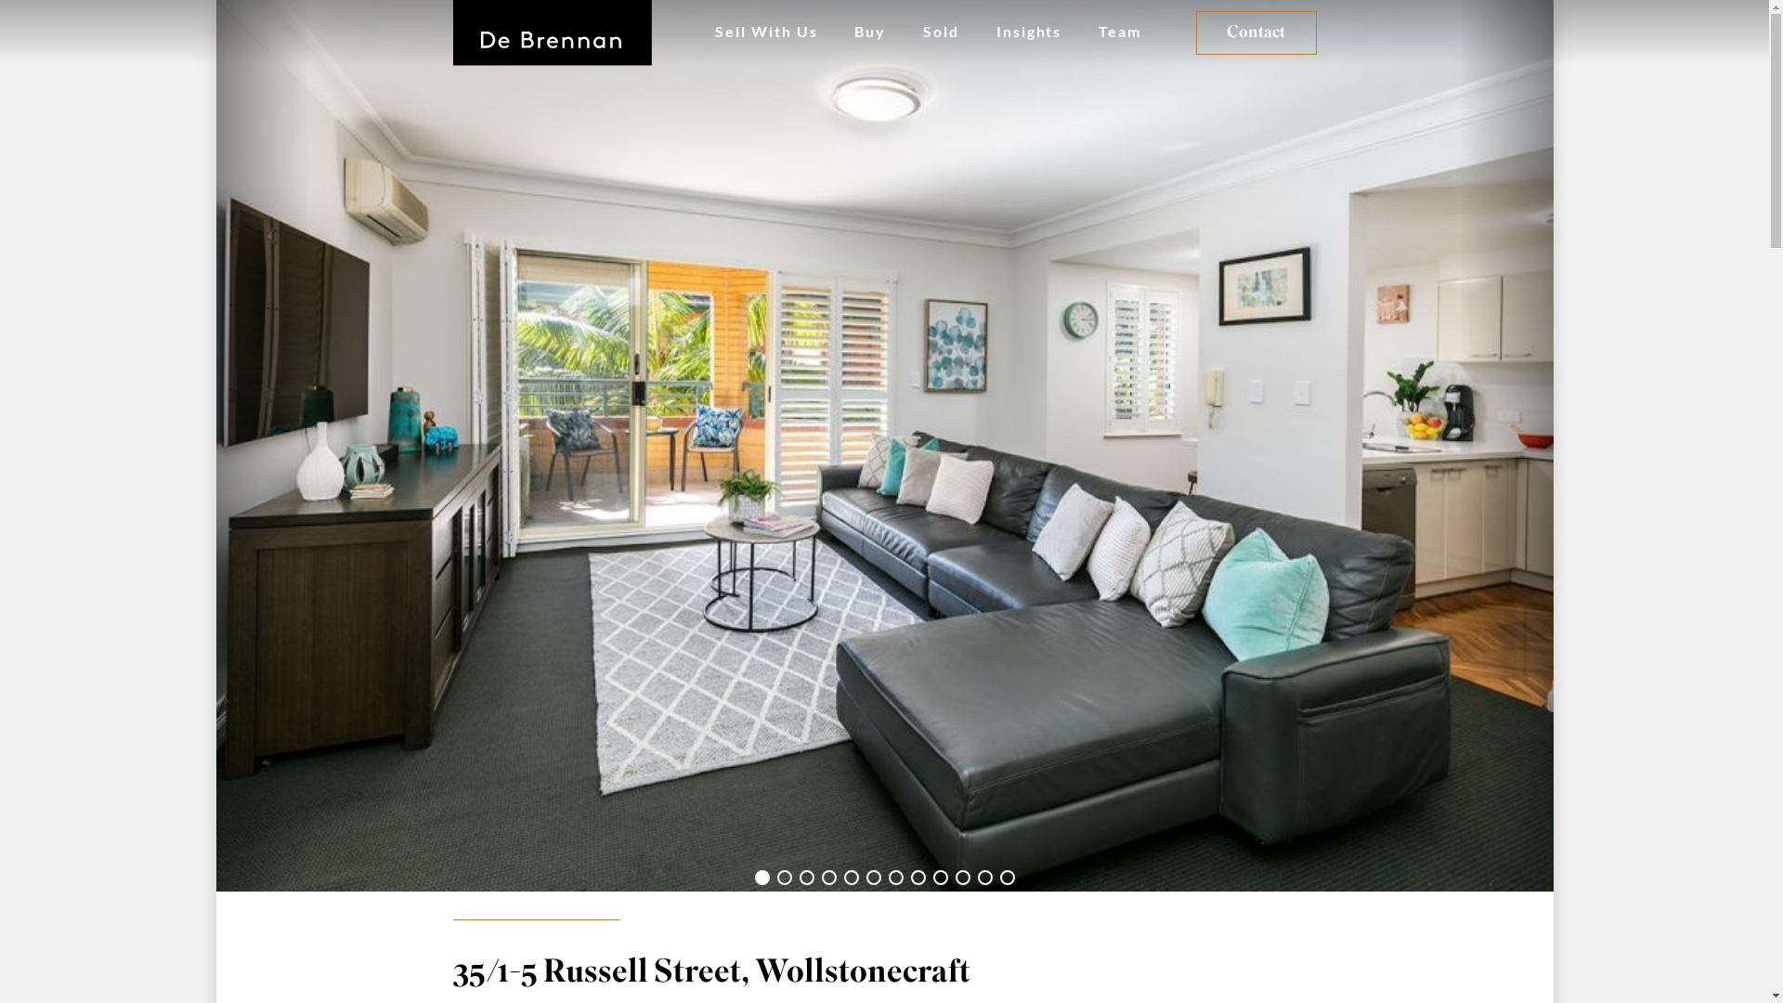  What do you see at coordinates (868, 32) in the screenshot?
I see `'Buy'` at bounding box center [868, 32].